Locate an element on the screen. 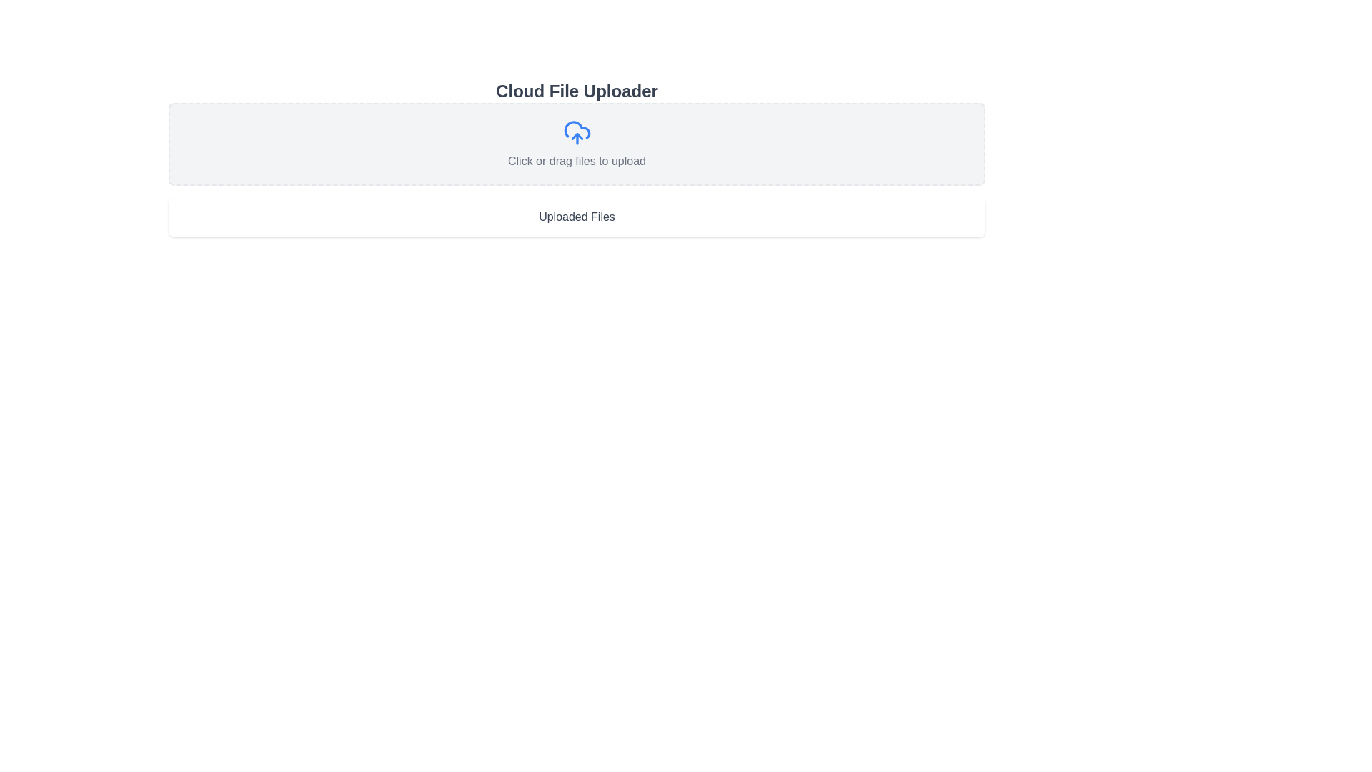  the static text label that says 'Click or drag files to upload', which is centrally located within a dashed border area with a light gray background is located at coordinates (577, 161).